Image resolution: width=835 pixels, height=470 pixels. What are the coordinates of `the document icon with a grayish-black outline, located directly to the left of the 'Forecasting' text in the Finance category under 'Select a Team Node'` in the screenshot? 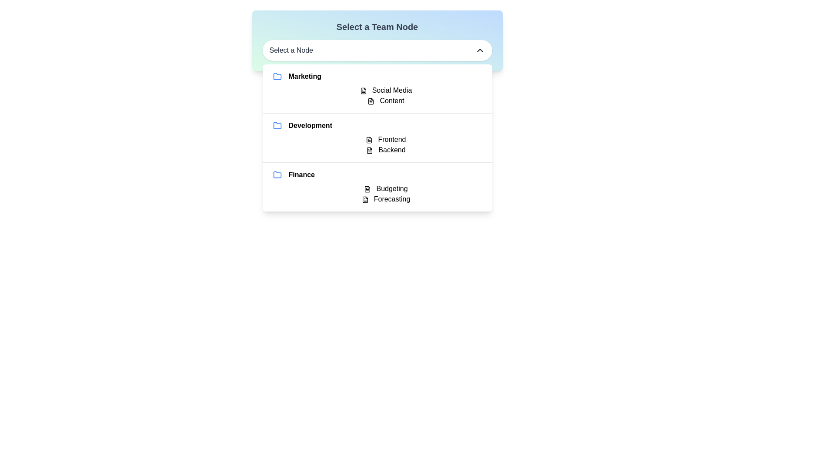 It's located at (365, 199).